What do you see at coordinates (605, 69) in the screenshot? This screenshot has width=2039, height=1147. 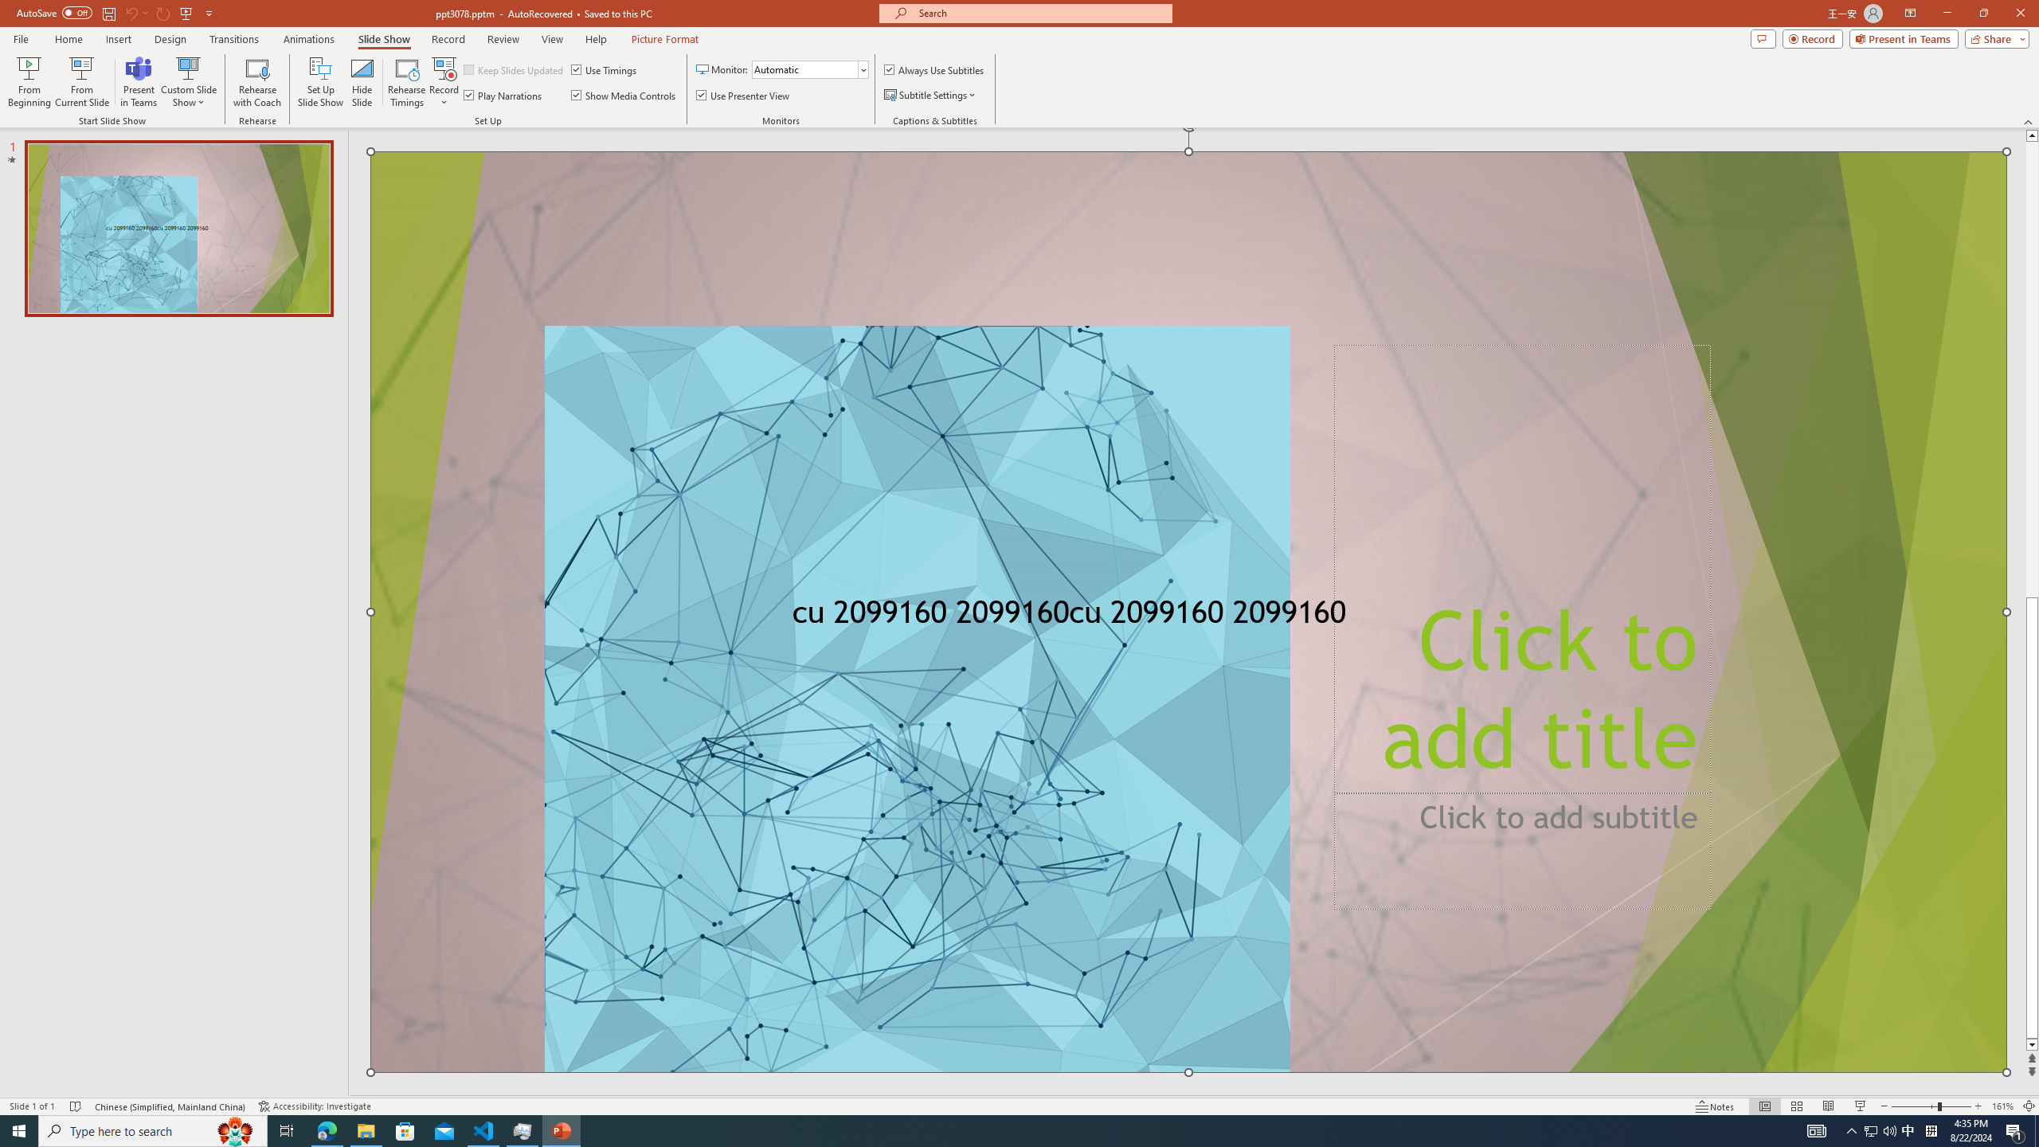 I see `'Use Timings'` at bounding box center [605, 69].